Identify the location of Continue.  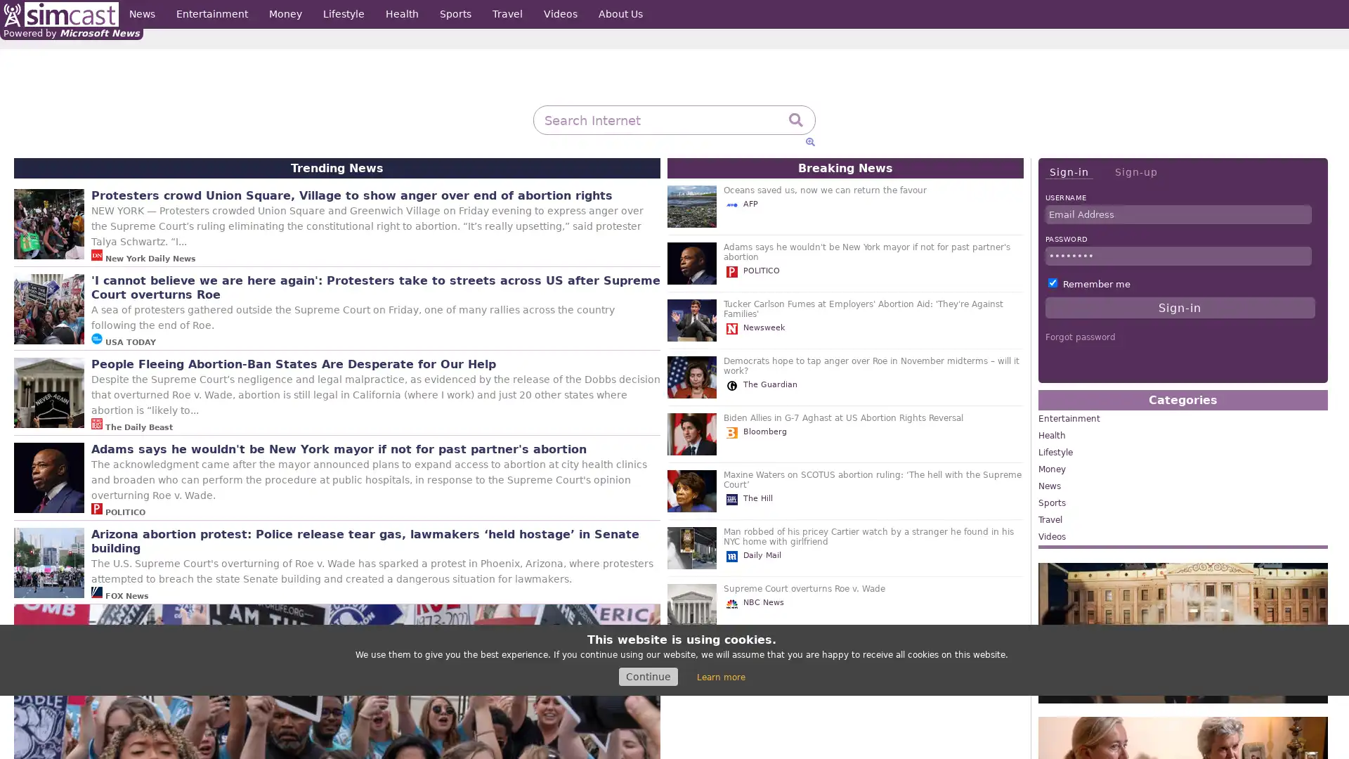
(647, 676).